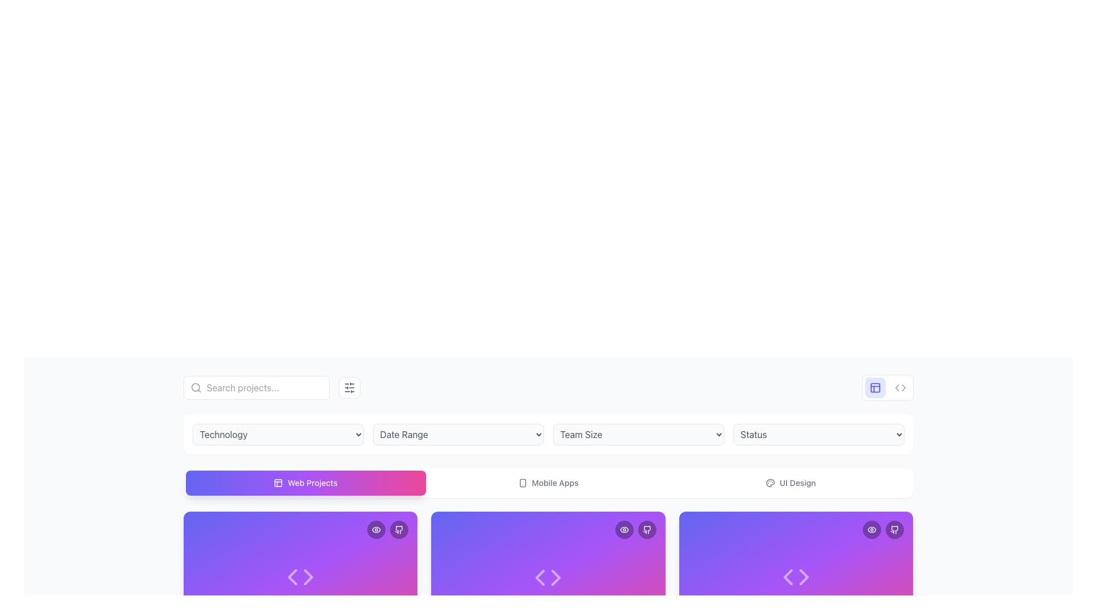 This screenshot has width=1095, height=616. Describe the element at coordinates (903, 387) in the screenshot. I see `the small triangular graphic icon that resembles an arrowhead, located within the second angle bracket of a code-like icon in the upper-right corner of the interface` at that location.